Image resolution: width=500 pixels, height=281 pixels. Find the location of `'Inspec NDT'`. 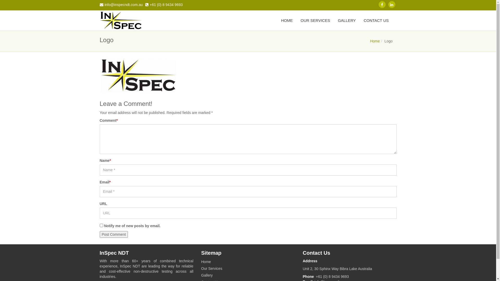

'Inspec NDT' is located at coordinates (121, 20).